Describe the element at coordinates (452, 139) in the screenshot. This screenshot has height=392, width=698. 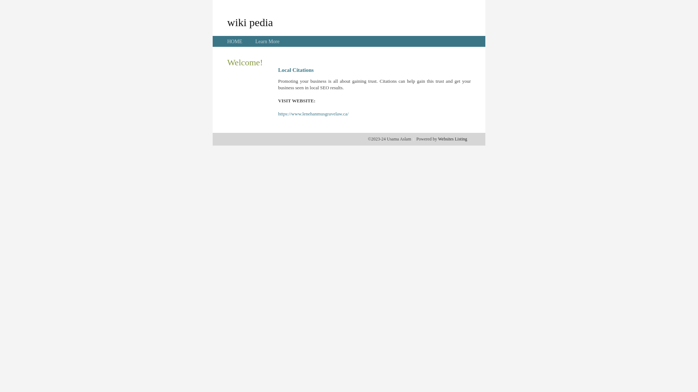
I see `'Websites Listing'` at that location.